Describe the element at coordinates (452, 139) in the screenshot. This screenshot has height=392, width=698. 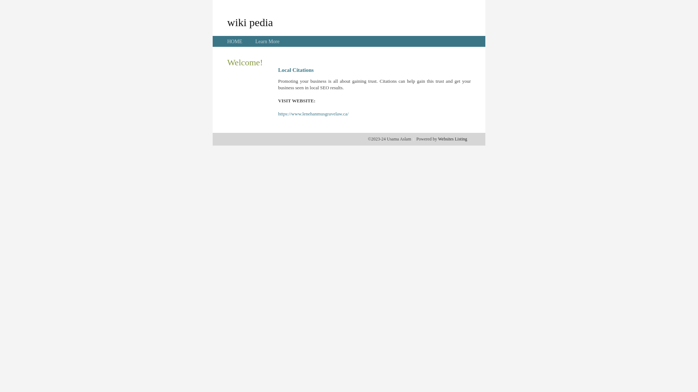
I see `'Websites Listing'` at that location.